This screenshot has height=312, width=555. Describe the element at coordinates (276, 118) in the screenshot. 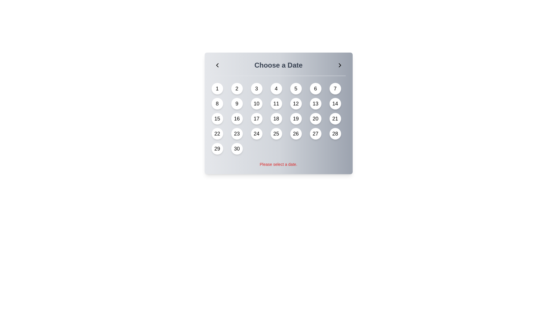

I see `the date selection button for '18' located in the fourth row and fourth column of the date grid to observe hover effects` at that location.